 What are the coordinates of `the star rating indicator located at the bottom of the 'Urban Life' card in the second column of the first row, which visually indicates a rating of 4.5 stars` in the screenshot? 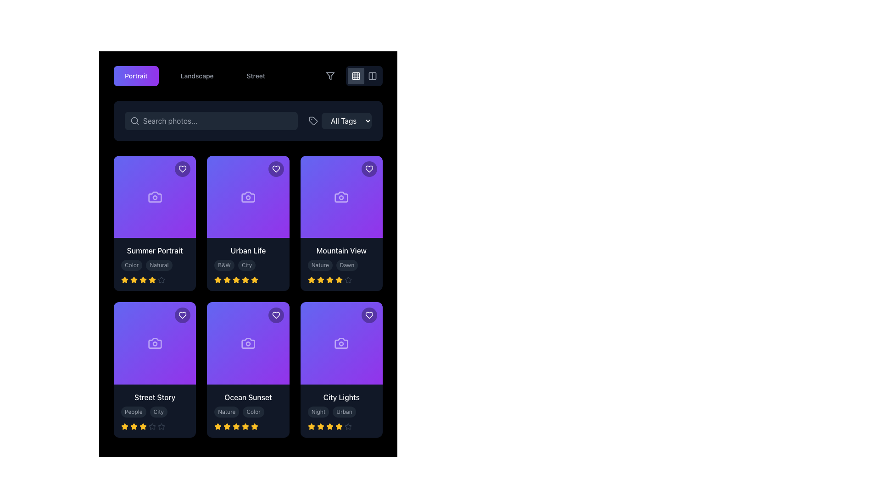 It's located at (248, 280).